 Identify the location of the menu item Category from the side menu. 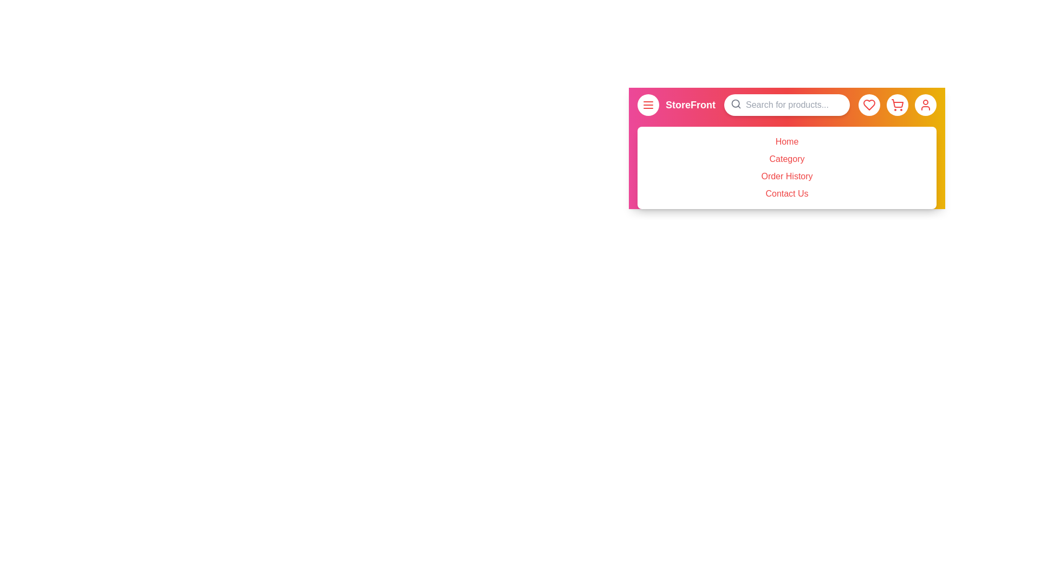
(787, 159).